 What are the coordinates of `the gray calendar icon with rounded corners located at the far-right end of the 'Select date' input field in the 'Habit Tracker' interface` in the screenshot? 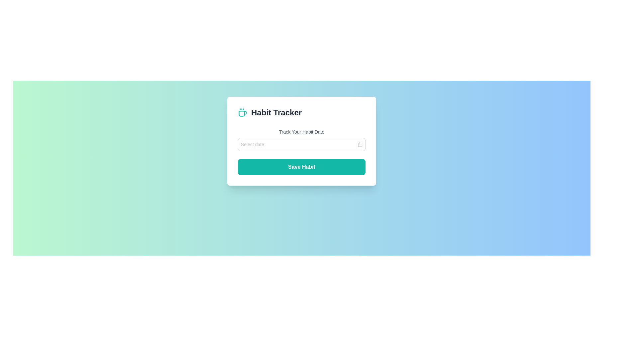 It's located at (360, 144).